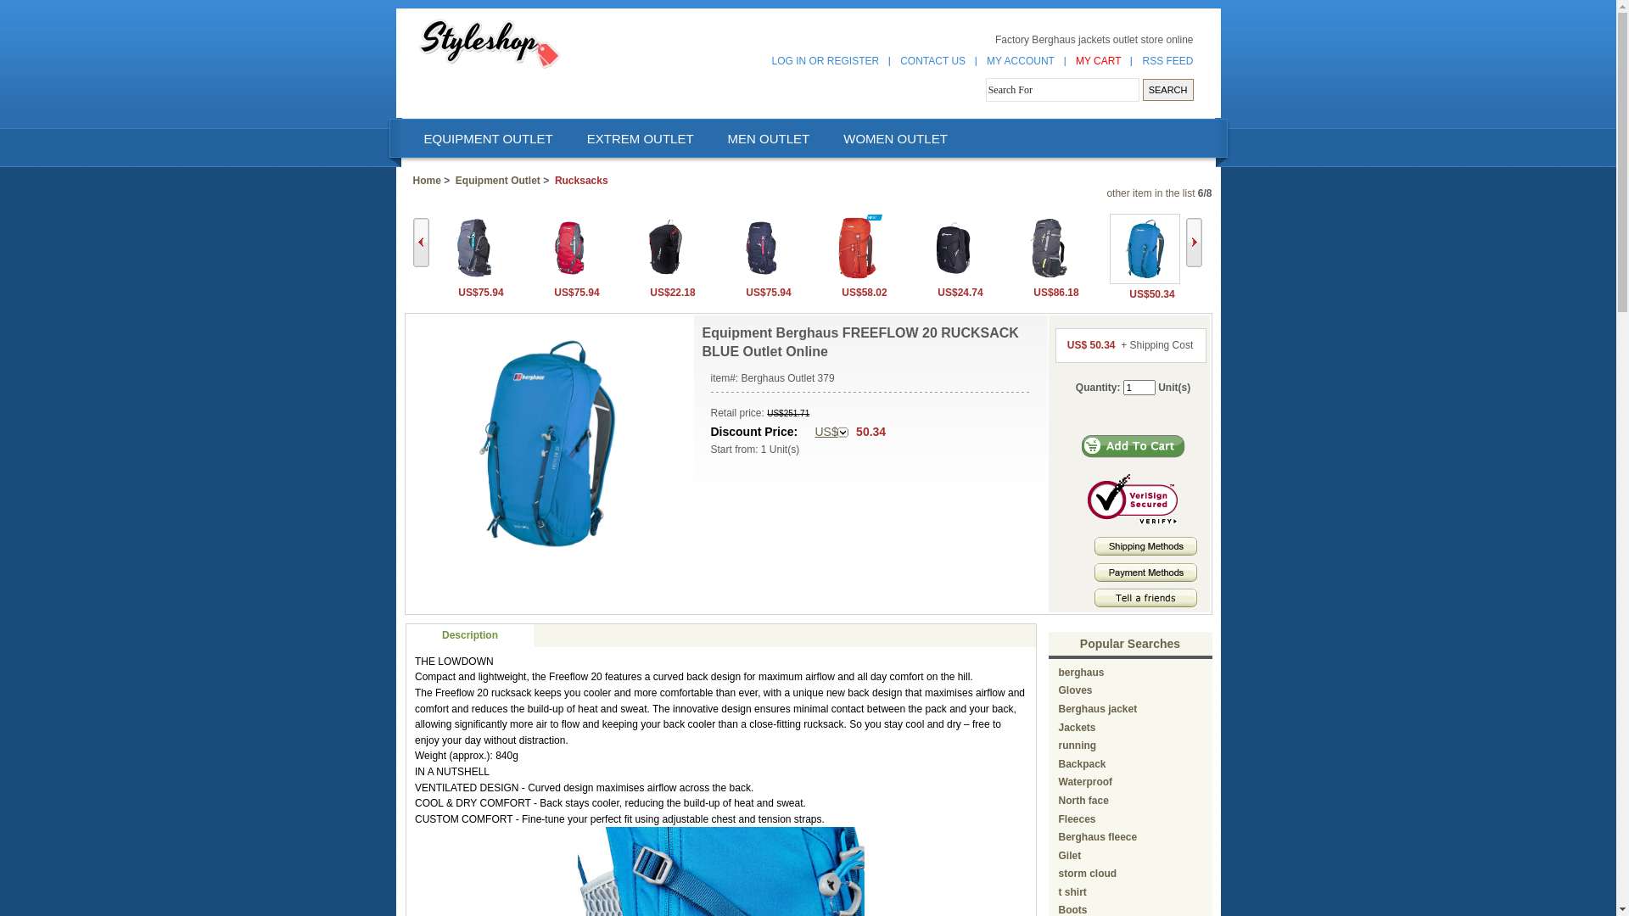  Describe the element at coordinates (932, 60) in the screenshot. I see `'CONTACT US'` at that location.